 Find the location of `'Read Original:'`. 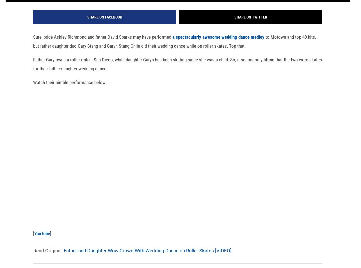

'Read Original:' is located at coordinates (48, 258).